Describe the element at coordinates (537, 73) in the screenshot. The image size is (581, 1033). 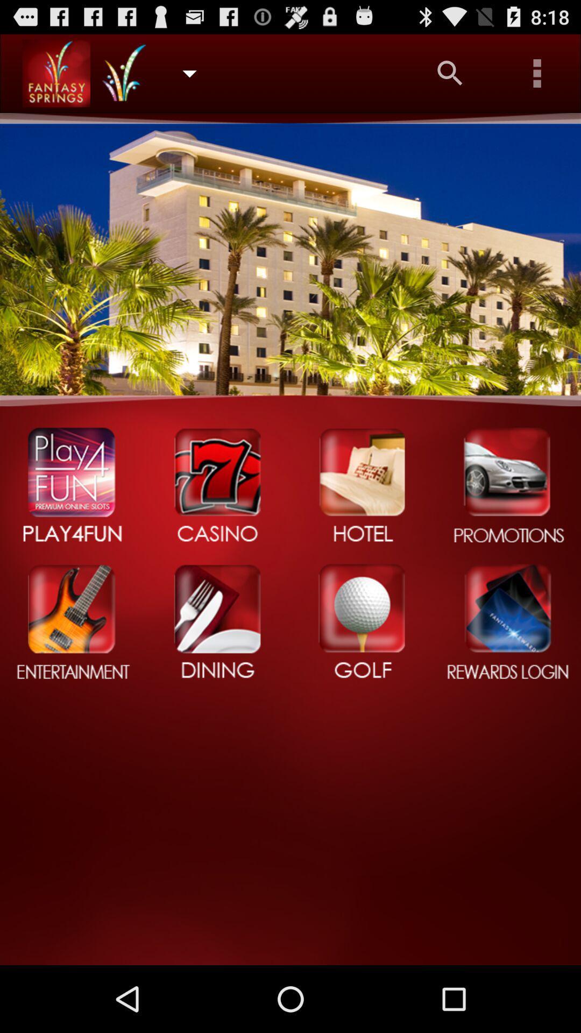
I see `show menu` at that location.